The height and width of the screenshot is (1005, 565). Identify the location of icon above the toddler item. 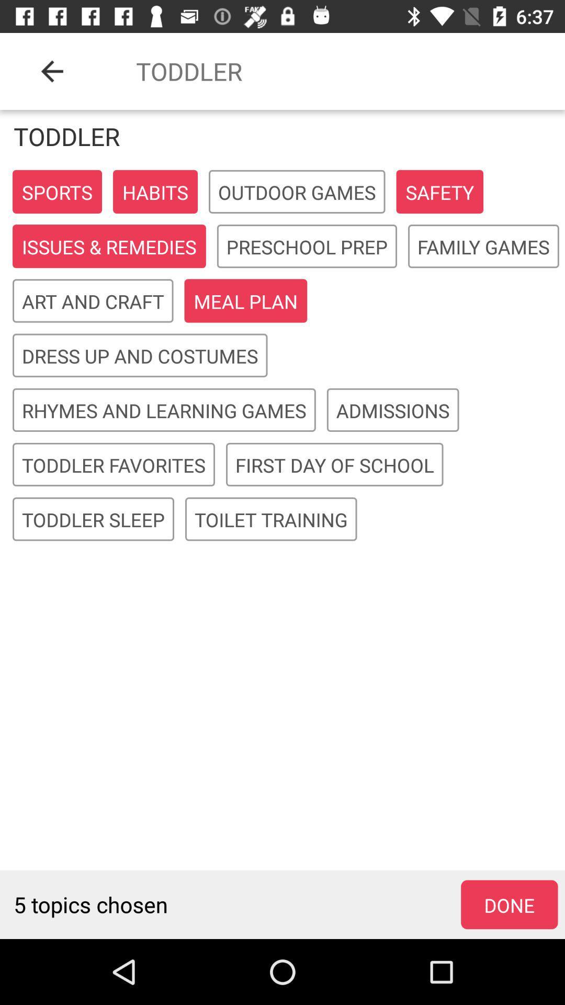
(52, 71).